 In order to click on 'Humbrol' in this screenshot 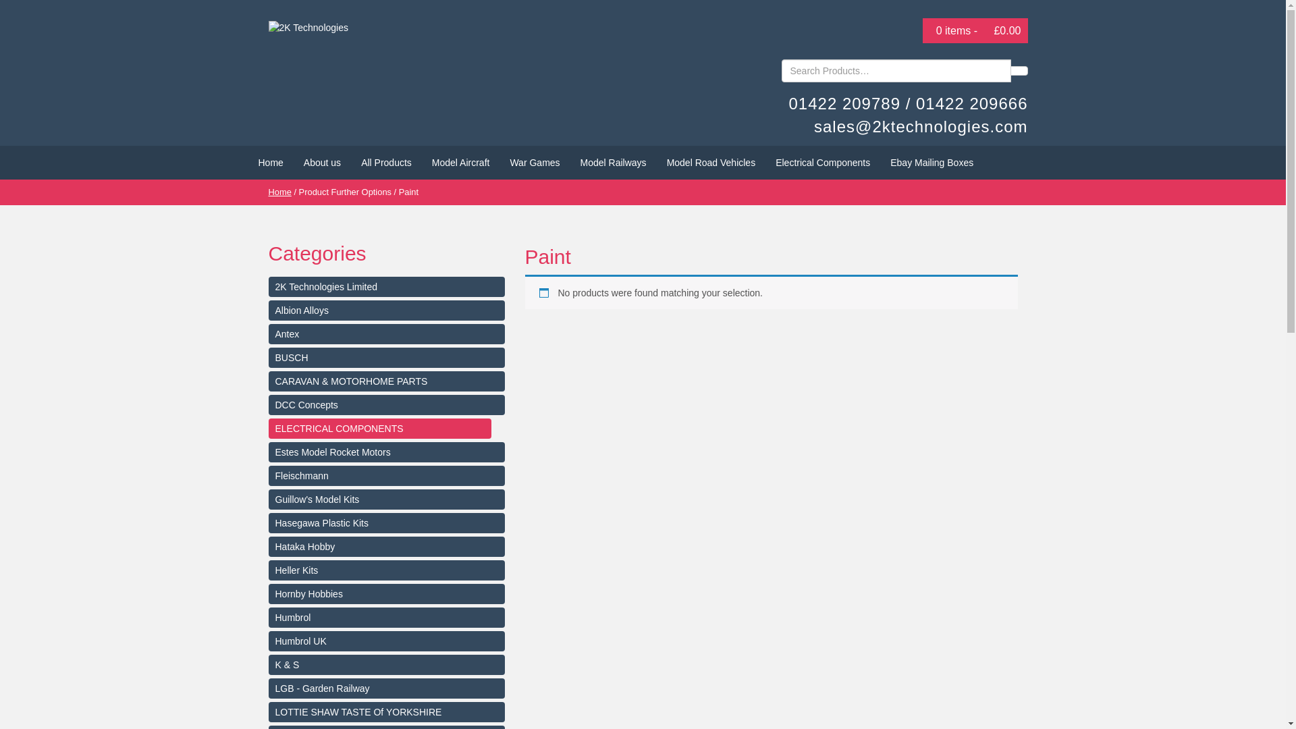, I will do `click(385, 617)`.